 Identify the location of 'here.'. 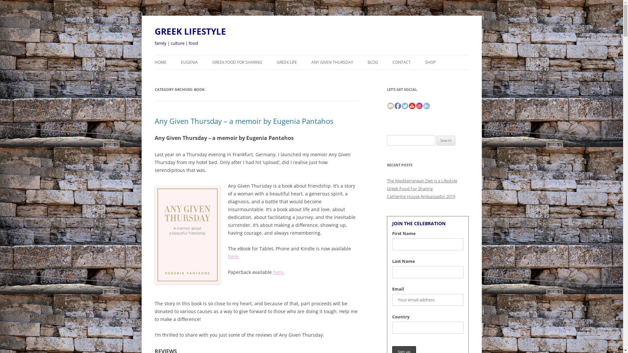
(233, 256).